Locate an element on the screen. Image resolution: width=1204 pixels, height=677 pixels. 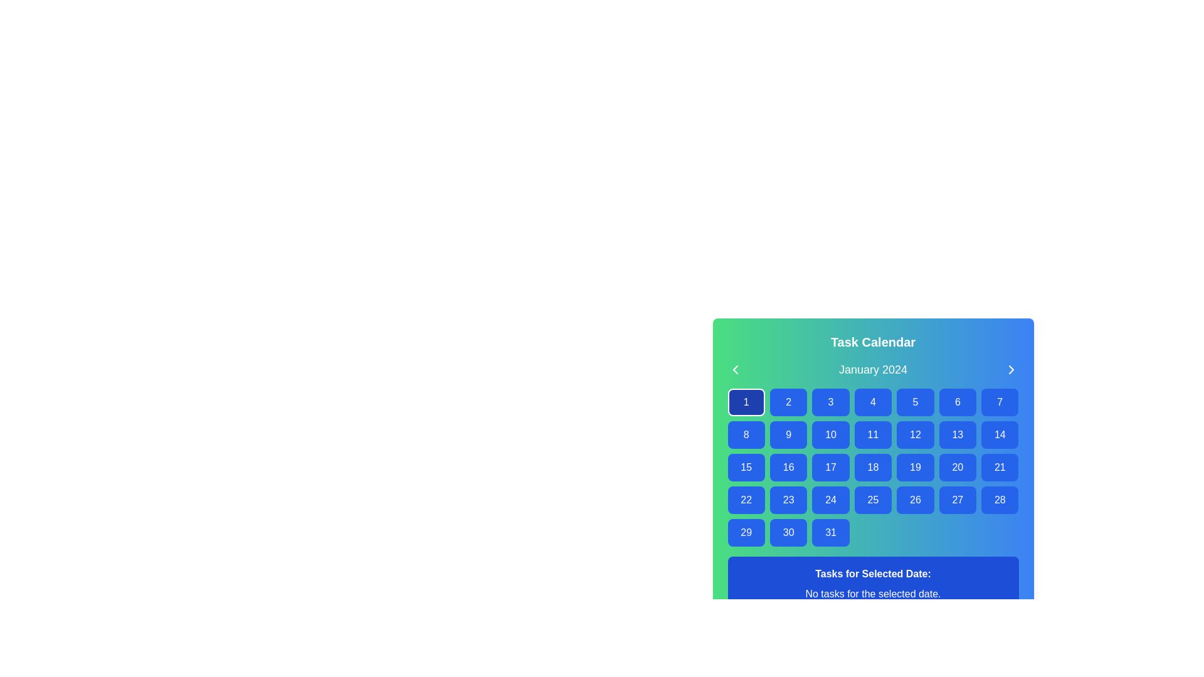
the navigation icon button located in the top-right section of the 'Task Calendar' UI to switch to the next calendar view is located at coordinates (1011, 369).